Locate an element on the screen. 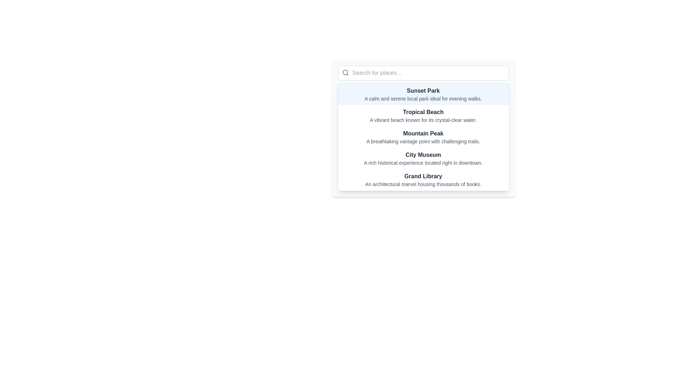 This screenshot has width=685, height=385. the list item titled 'Mountain Peak' is located at coordinates (423, 137).